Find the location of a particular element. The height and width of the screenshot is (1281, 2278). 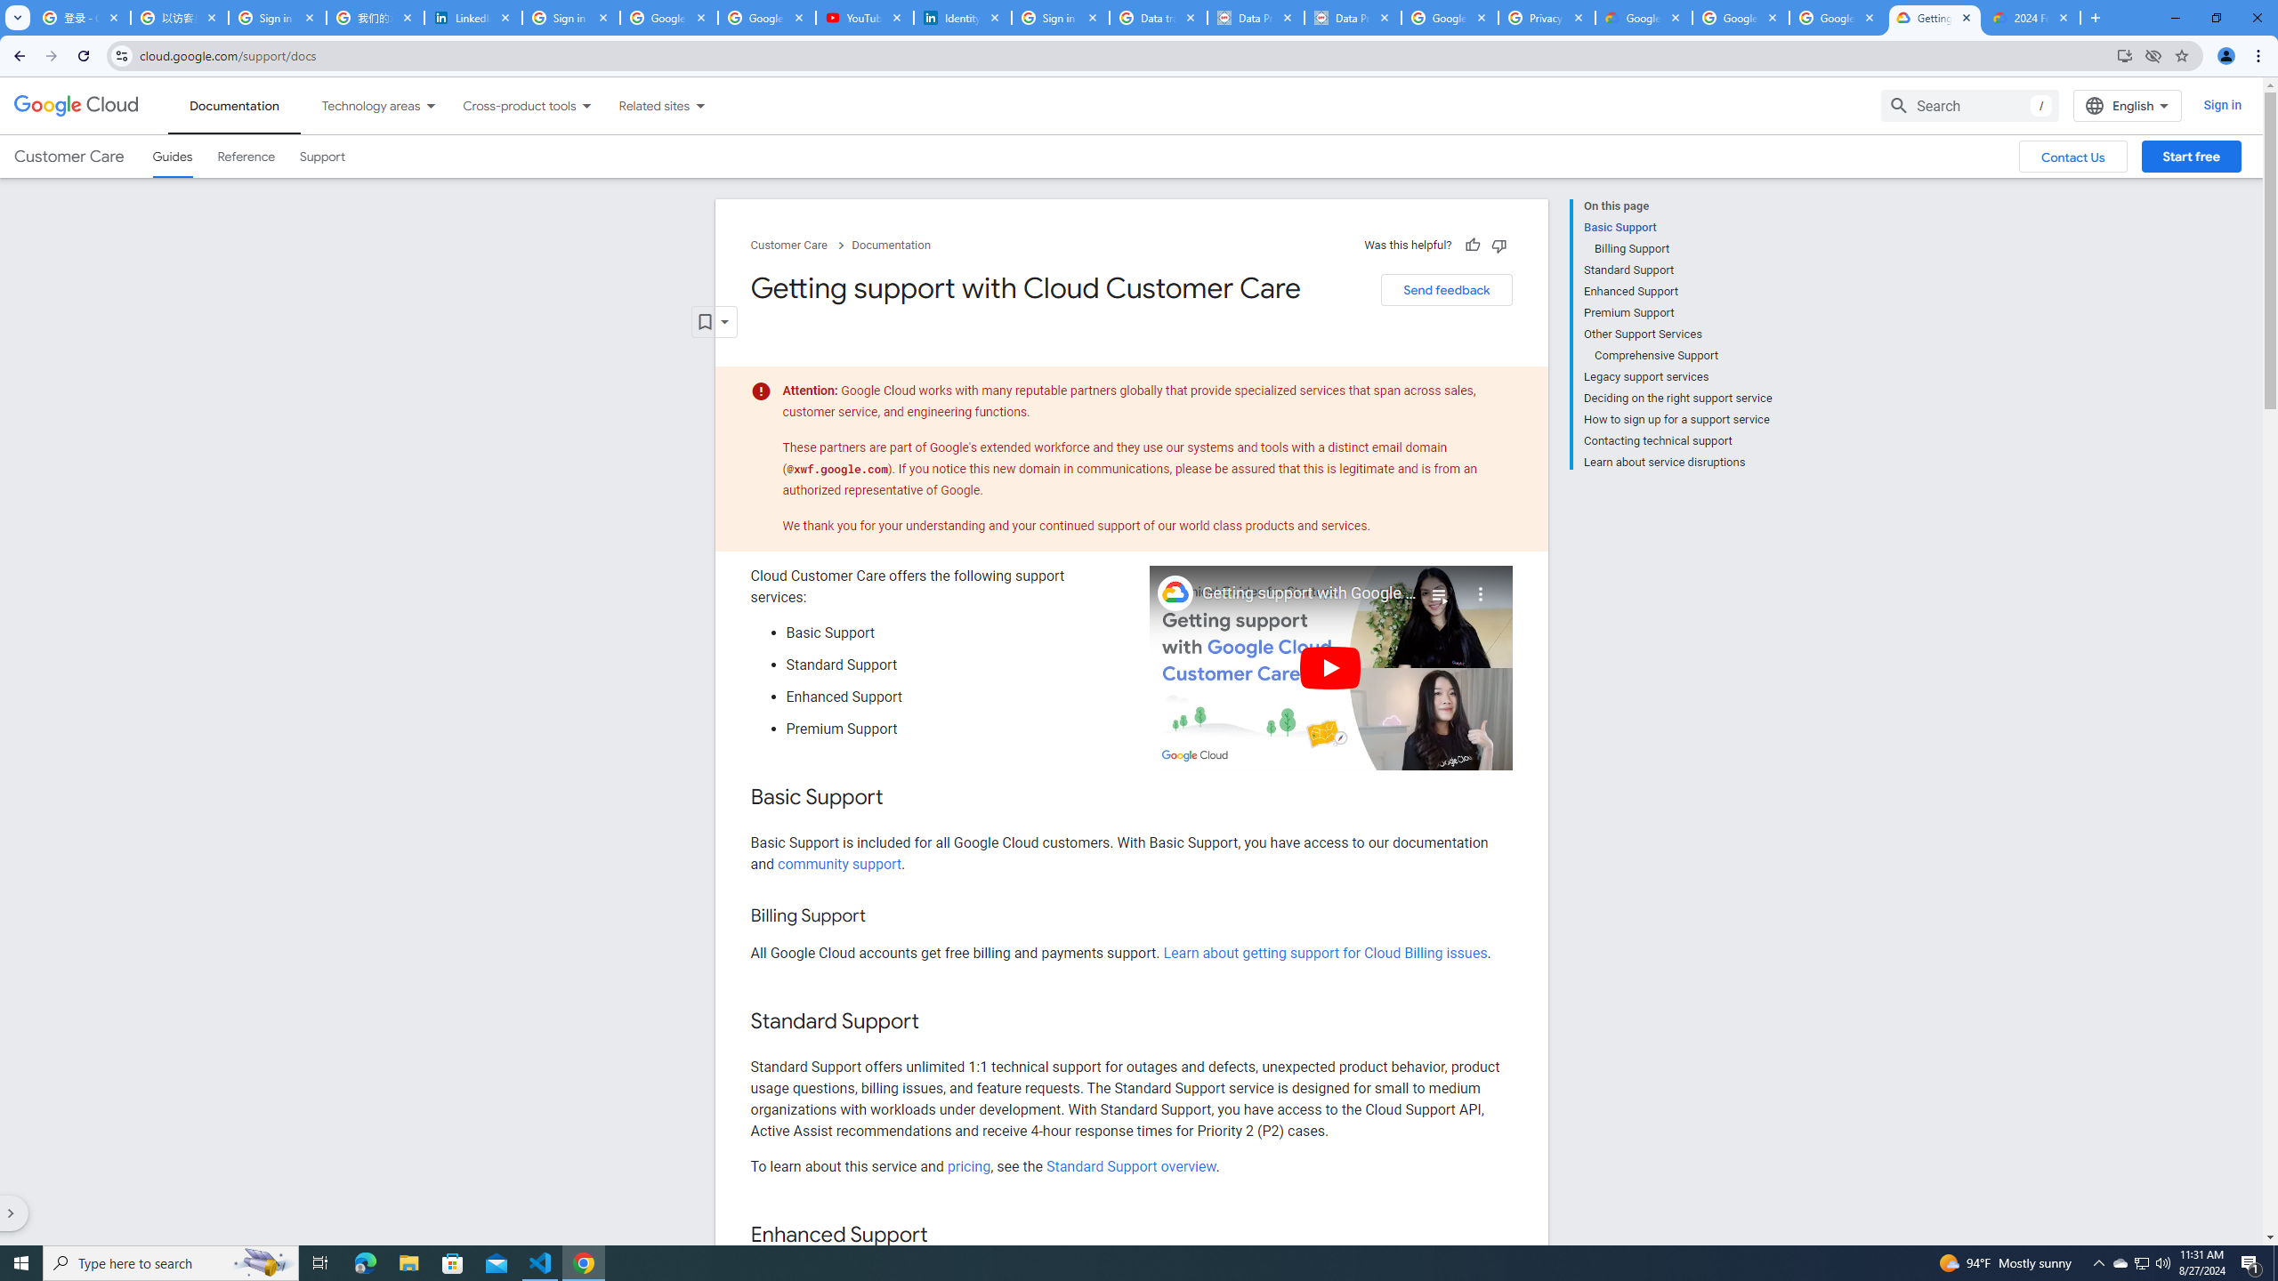

'Basic Support' is located at coordinates (1676, 226).